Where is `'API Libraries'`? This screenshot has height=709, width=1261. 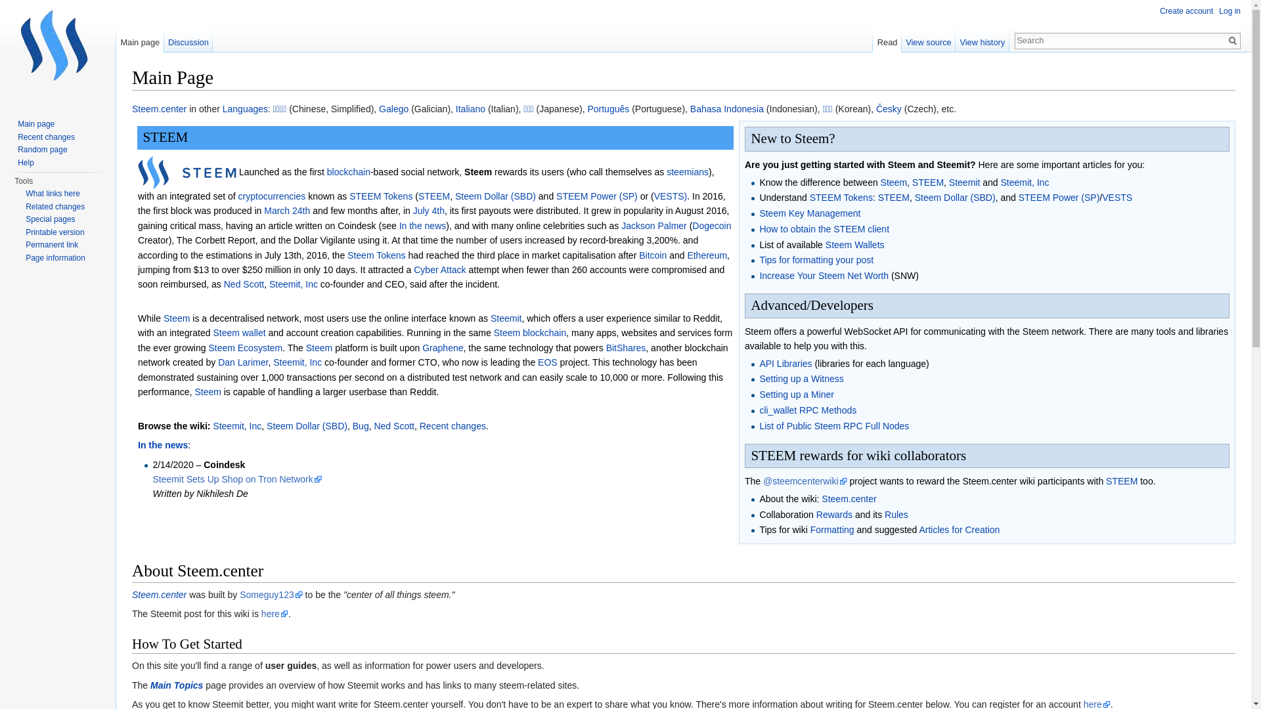
'API Libraries' is located at coordinates (785, 364).